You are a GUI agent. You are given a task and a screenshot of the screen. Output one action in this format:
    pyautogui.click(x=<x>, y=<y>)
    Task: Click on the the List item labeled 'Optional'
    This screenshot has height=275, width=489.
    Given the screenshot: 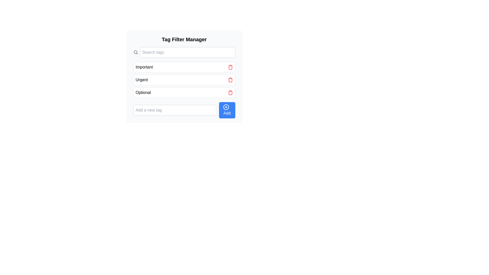 What is the action you would take?
    pyautogui.click(x=184, y=92)
    